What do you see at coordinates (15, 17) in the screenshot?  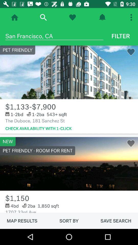 I see `go home` at bounding box center [15, 17].